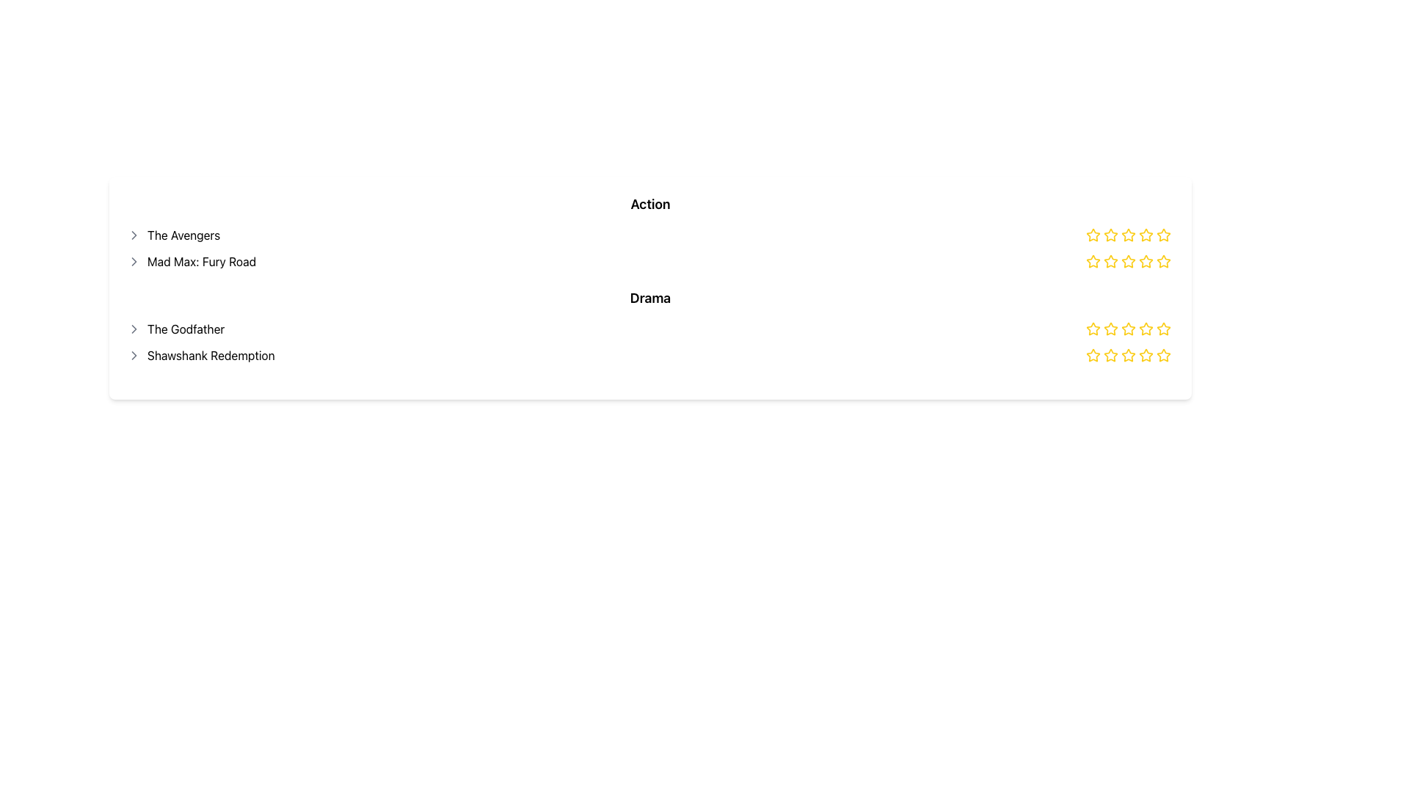 This screenshot has height=792, width=1409. What do you see at coordinates (1110, 356) in the screenshot?
I see `the third yellow star-shaped rating icon for the movie 'Shawshank Redemption' in the second row under the 'Drama' category` at bounding box center [1110, 356].